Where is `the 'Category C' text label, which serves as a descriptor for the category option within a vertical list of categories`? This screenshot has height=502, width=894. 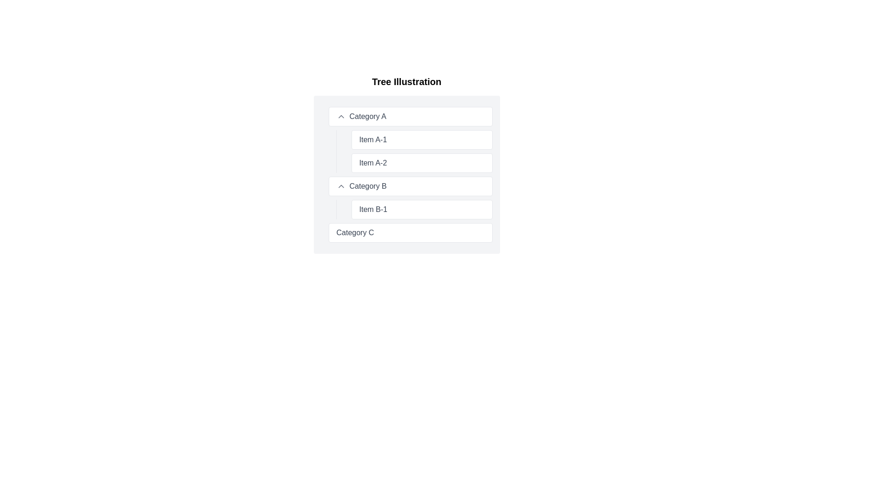
the 'Category C' text label, which serves as a descriptor for the category option within a vertical list of categories is located at coordinates (355, 232).